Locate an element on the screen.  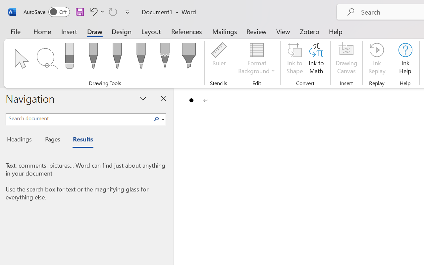
'Ink to Math' is located at coordinates (316, 59).